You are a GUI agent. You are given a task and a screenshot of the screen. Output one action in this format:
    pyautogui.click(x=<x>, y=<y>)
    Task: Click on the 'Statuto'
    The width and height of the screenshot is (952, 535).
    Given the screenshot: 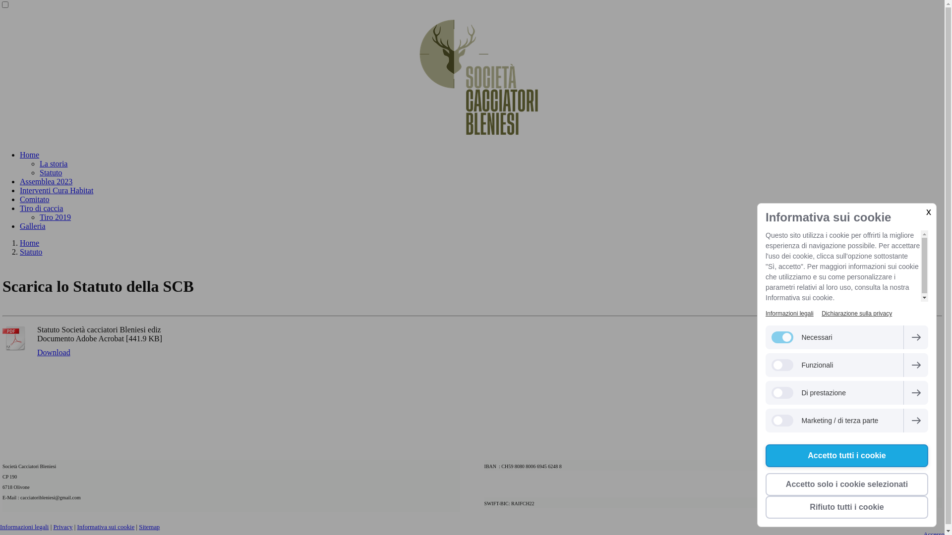 What is the action you would take?
    pyautogui.click(x=50, y=172)
    